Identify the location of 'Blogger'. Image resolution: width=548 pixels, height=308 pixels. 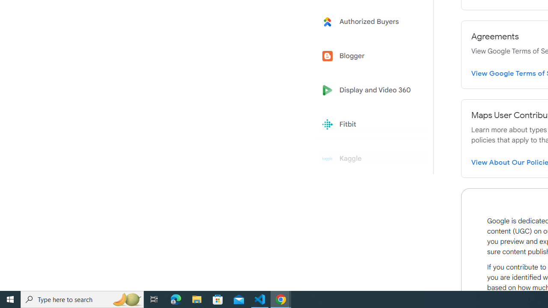
(369, 56).